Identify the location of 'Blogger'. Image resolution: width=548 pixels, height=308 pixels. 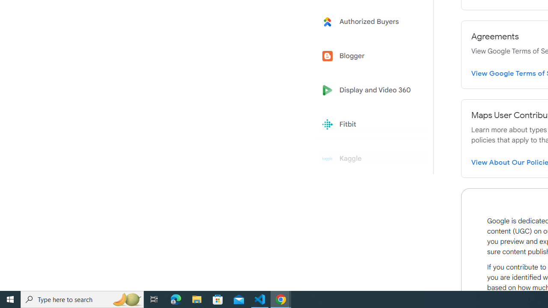
(369, 56).